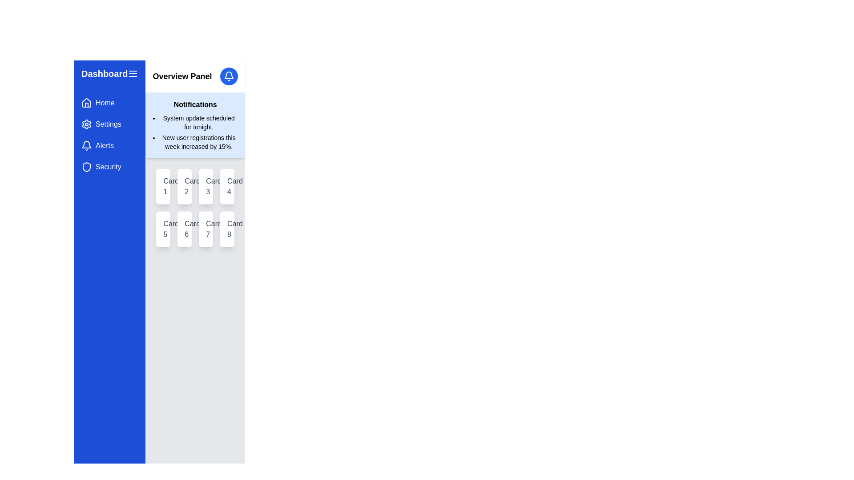  What do you see at coordinates (87, 144) in the screenshot?
I see `the bell-shaped icon element used for notifications located in the top-right part of the interface, adjacent to the 'Overview Panel' heading` at bounding box center [87, 144].